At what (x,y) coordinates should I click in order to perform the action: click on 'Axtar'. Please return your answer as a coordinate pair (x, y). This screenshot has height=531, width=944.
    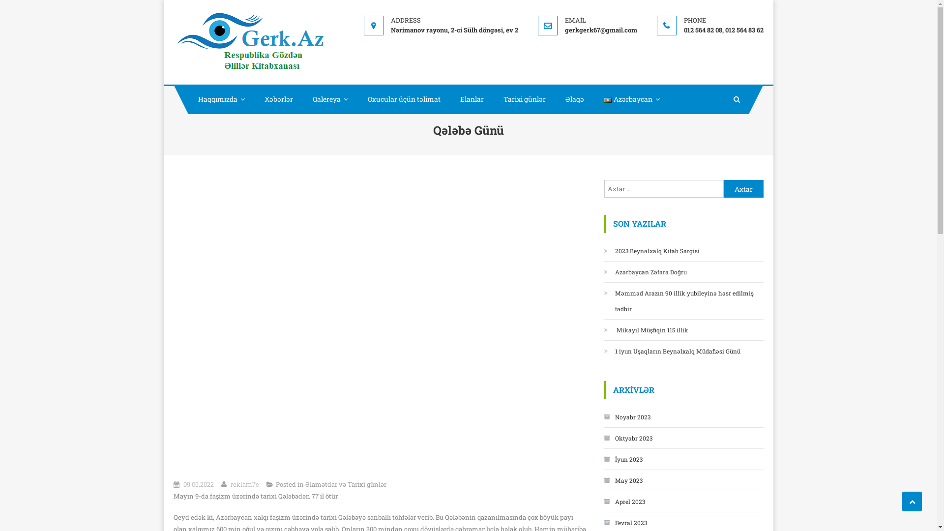
    Looking at the image, I should click on (743, 189).